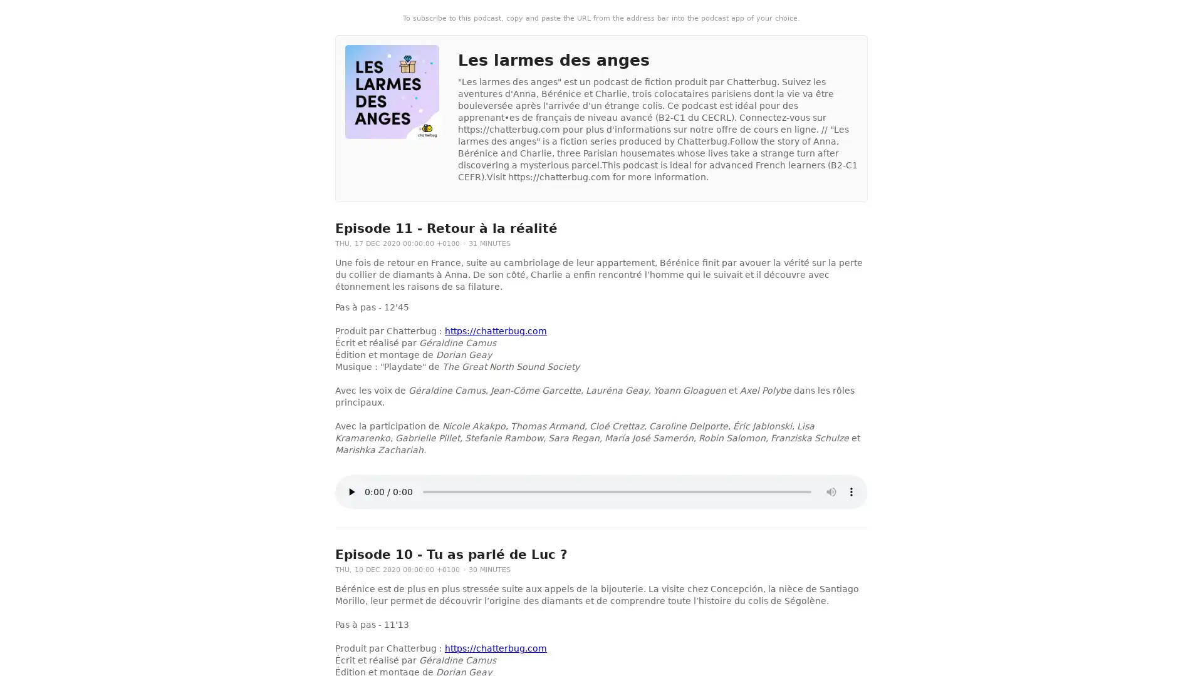 The width and height of the screenshot is (1203, 676). What do you see at coordinates (351, 491) in the screenshot?
I see `play` at bounding box center [351, 491].